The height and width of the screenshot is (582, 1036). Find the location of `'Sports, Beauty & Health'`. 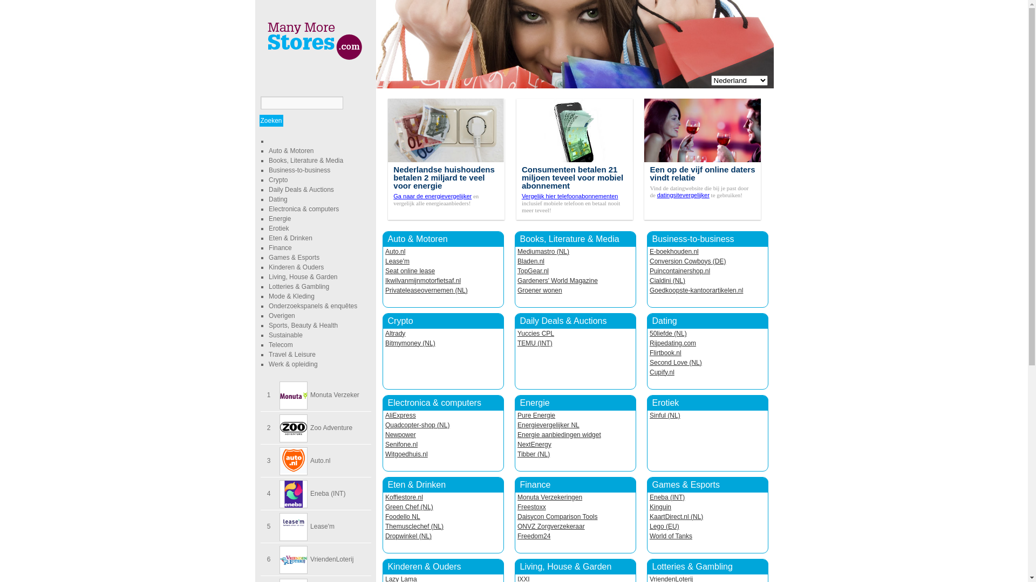

'Sports, Beauty & Health' is located at coordinates (302, 325).